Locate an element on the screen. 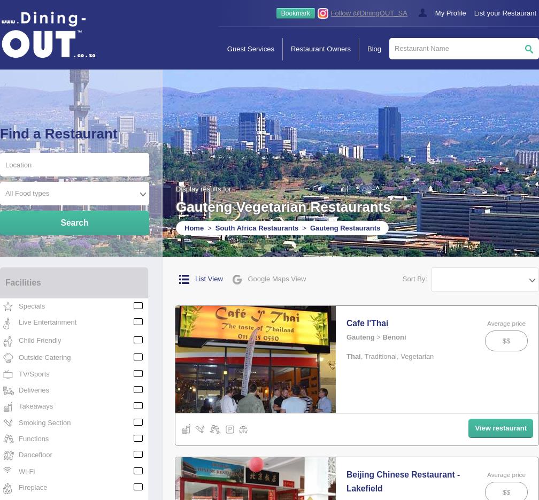 Image resolution: width=539 pixels, height=500 pixels. 'Vegetarian' is located at coordinates (417, 356).